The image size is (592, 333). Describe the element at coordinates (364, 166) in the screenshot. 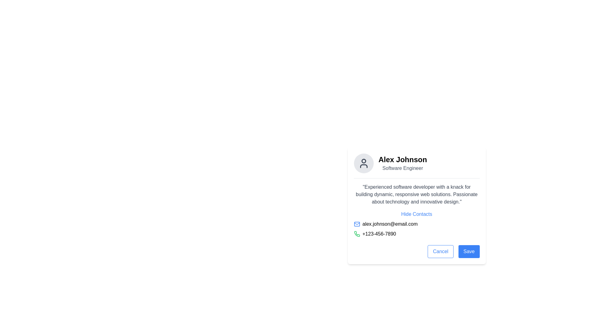

I see `the torso icon element of the user avatar, which is a simplified graphical depiction located below the user's head` at that location.